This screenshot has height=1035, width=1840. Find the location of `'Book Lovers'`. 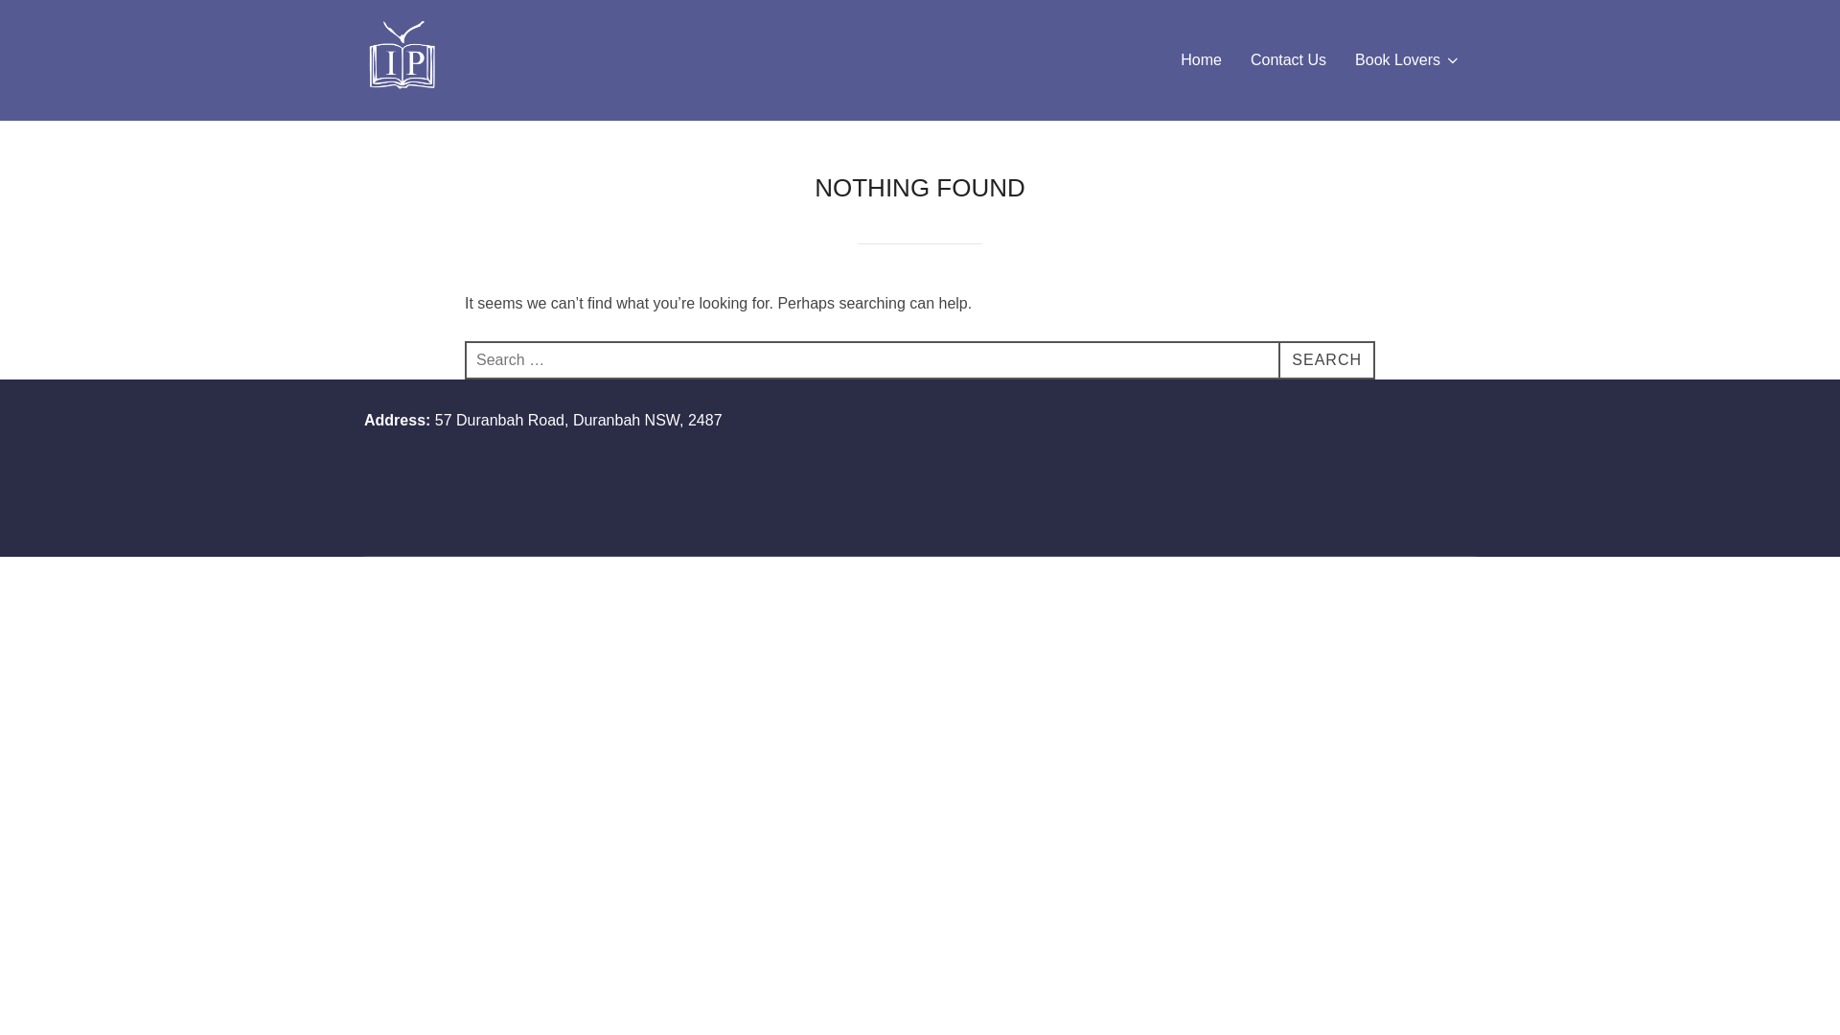

'Book Lovers' is located at coordinates (1354, 58).